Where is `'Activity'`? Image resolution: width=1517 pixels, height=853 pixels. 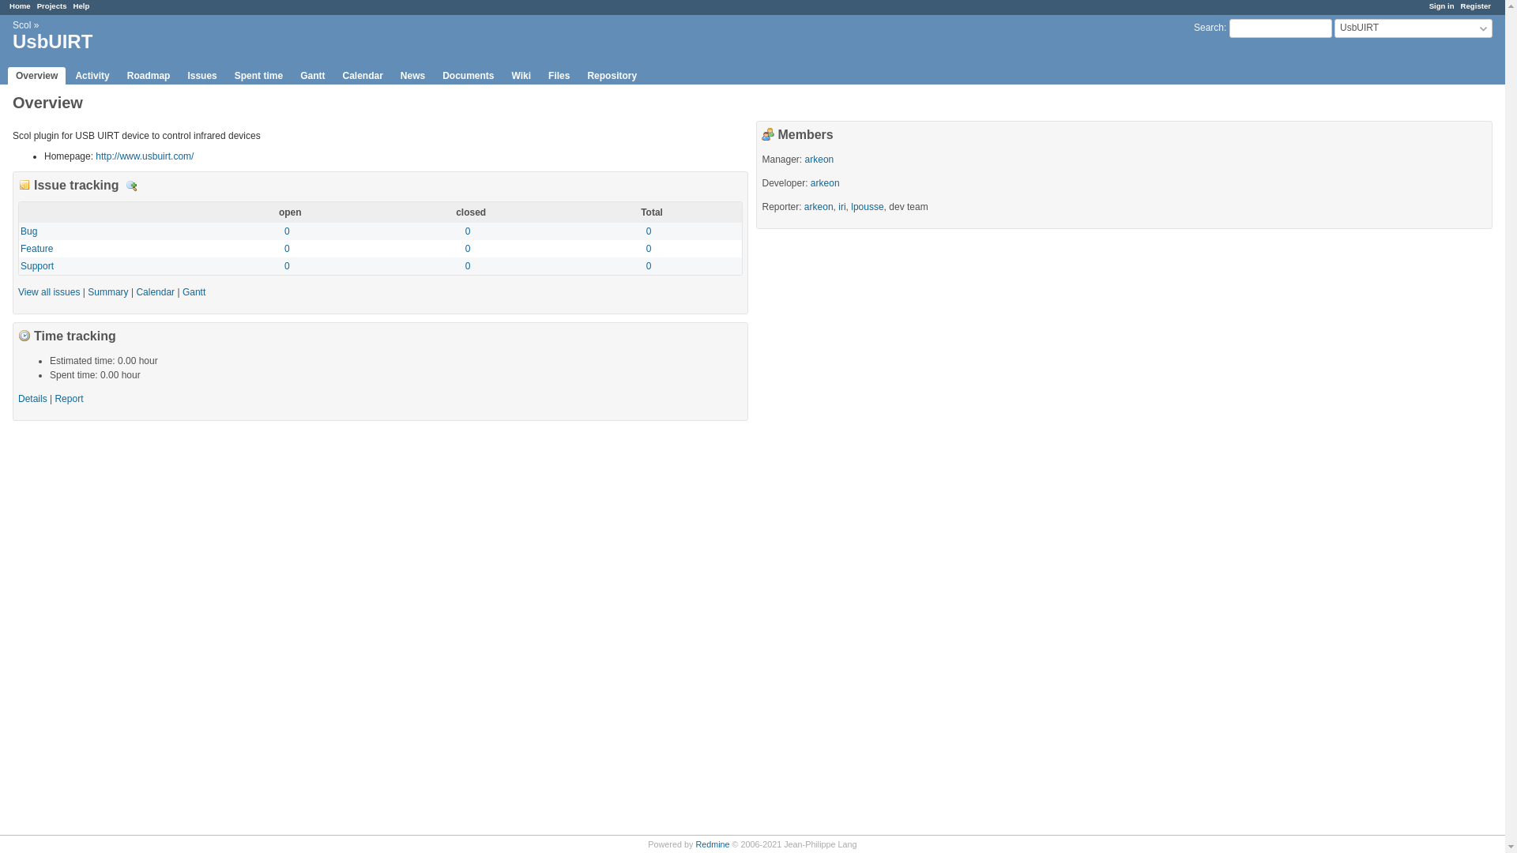
'Activity' is located at coordinates (91, 76).